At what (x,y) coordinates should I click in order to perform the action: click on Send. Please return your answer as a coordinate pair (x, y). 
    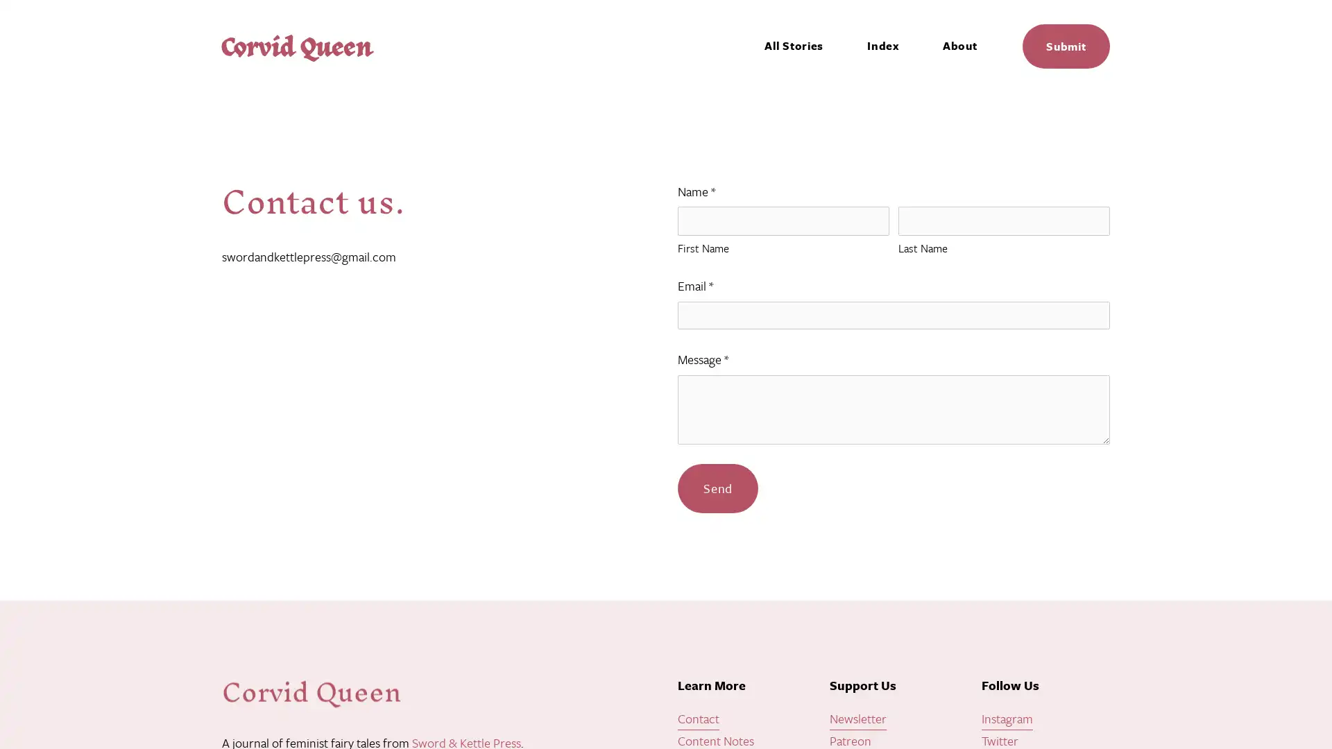
    Looking at the image, I should click on (717, 487).